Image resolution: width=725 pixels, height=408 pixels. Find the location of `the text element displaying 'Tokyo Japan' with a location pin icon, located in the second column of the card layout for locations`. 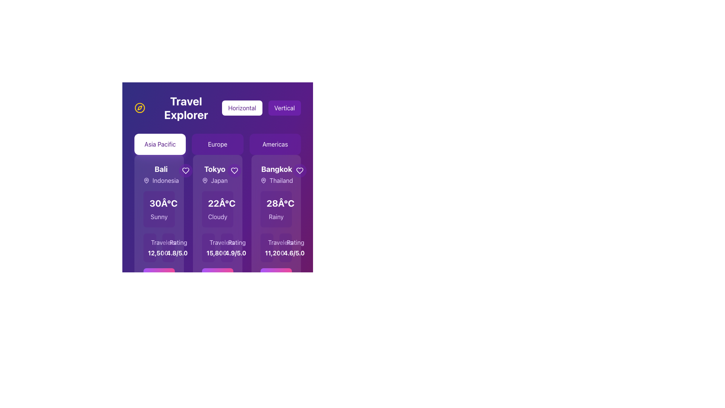

the text element displaying 'Tokyo Japan' with a location pin icon, located in the second column of the card layout for locations is located at coordinates (217, 175).